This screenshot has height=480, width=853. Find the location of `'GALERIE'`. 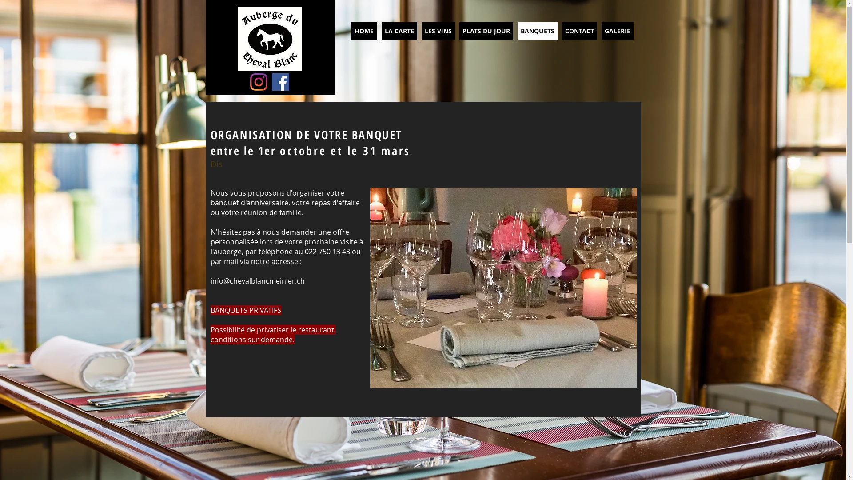

'GALERIE' is located at coordinates (617, 30).